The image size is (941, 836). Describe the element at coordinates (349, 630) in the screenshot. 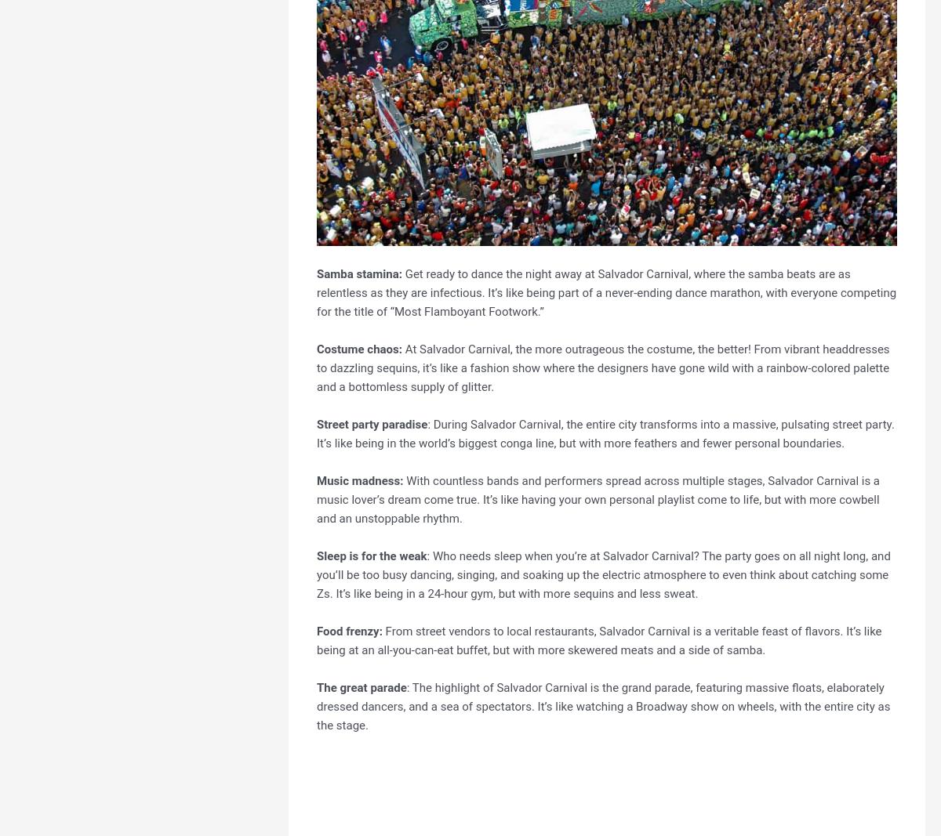

I see `'Food frenzy:'` at that location.